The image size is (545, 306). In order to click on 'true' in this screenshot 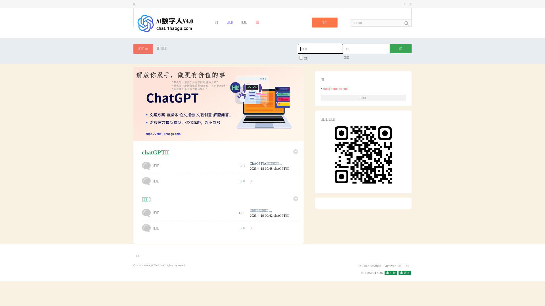, I will do `click(407, 23)`.